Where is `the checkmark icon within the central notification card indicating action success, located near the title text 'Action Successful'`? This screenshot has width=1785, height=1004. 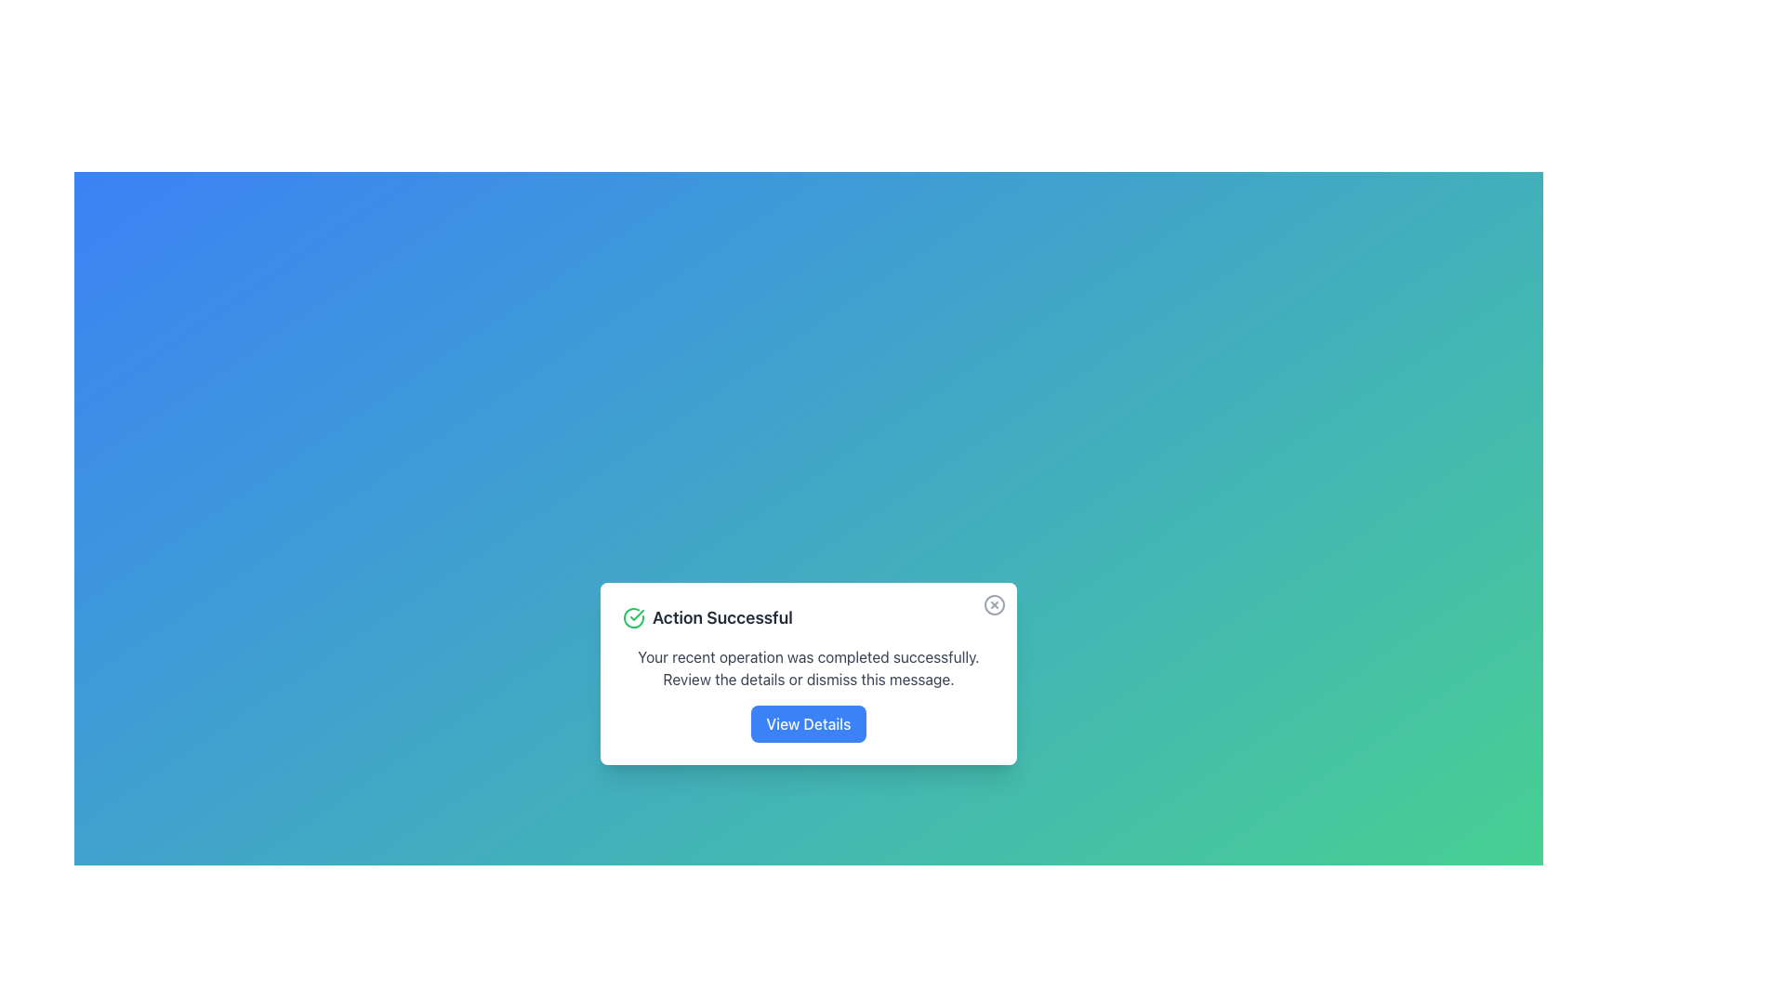 the checkmark icon within the central notification card indicating action success, located near the title text 'Action Successful' is located at coordinates (637, 615).